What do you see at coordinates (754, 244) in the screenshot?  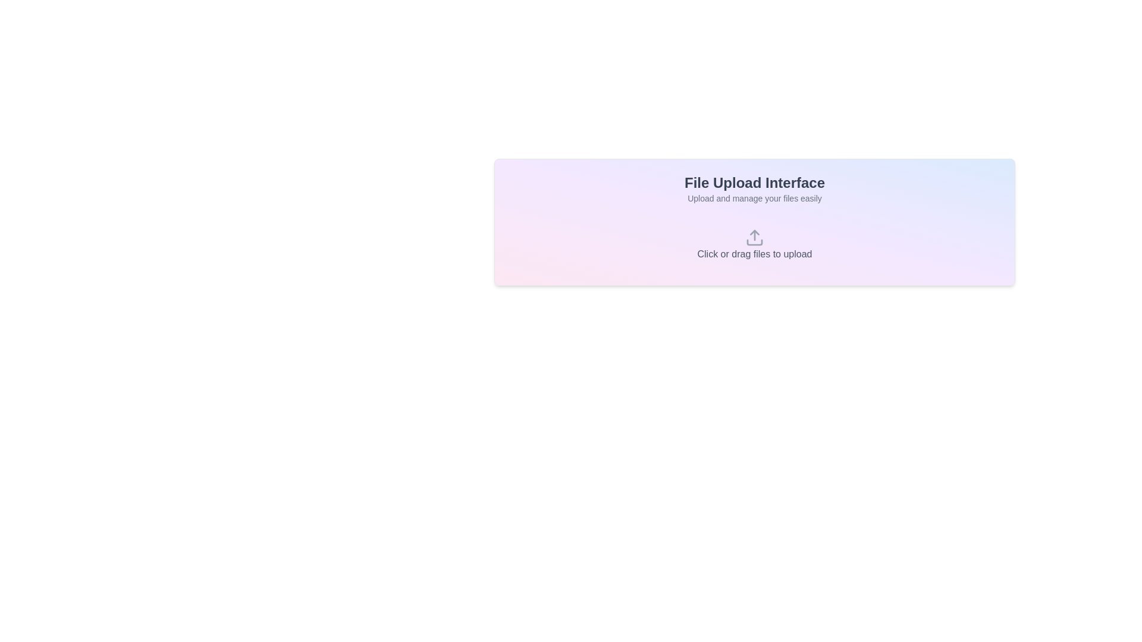 I see `the File upload zone, which features an upward arrow icon and the text 'Click or drag files to upload'` at bounding box center [754, 244].